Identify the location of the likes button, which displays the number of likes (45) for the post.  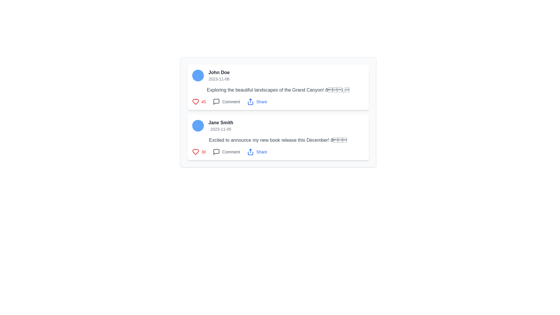
(199, 101).